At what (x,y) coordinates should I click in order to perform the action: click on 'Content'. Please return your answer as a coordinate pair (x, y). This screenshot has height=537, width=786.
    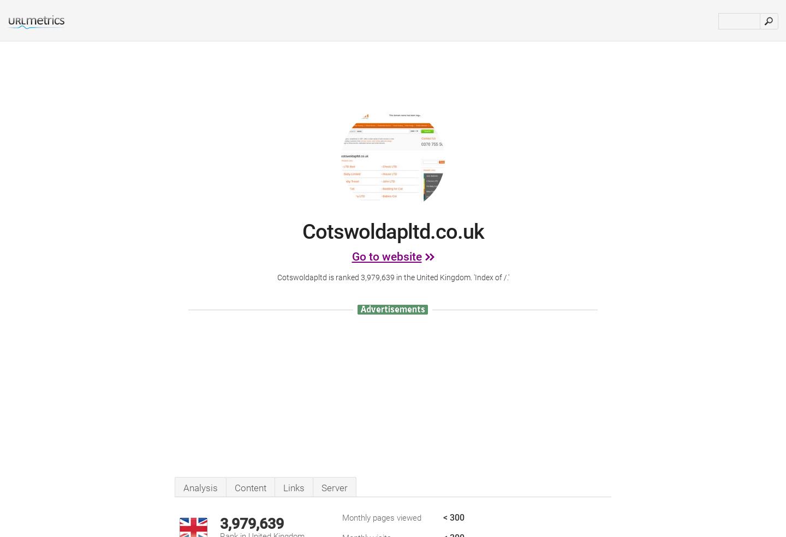
    Looking at the image, I should click on (250, 487).